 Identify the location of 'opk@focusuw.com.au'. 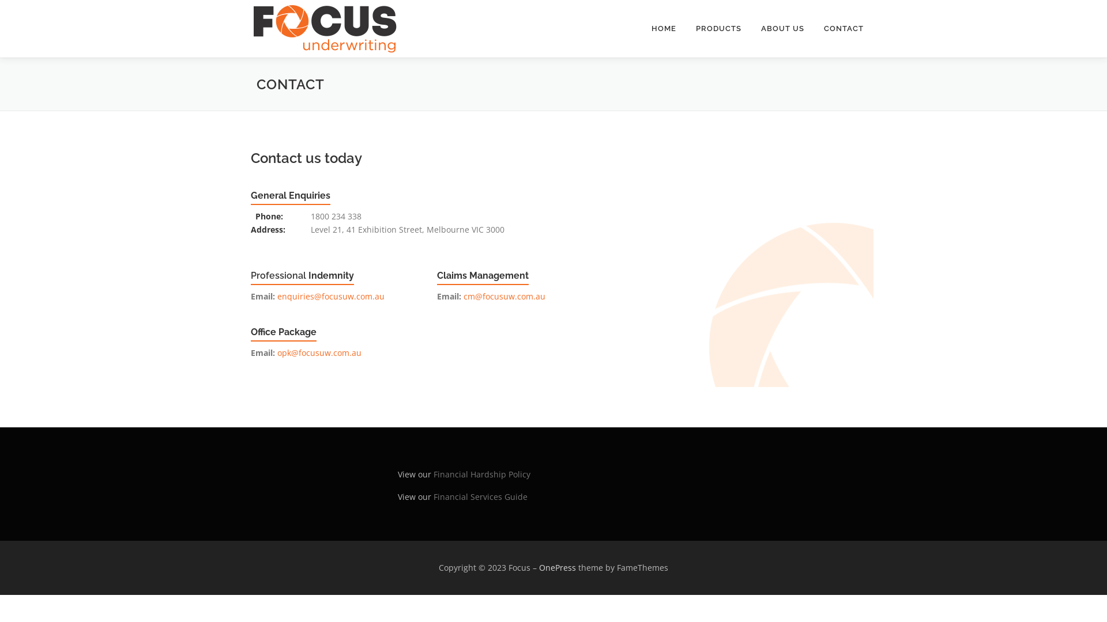
(319, 352).